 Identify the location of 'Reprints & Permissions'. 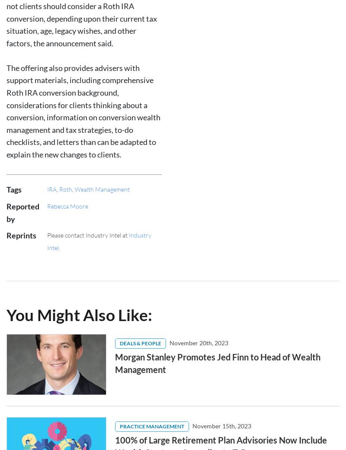
(135, 375).